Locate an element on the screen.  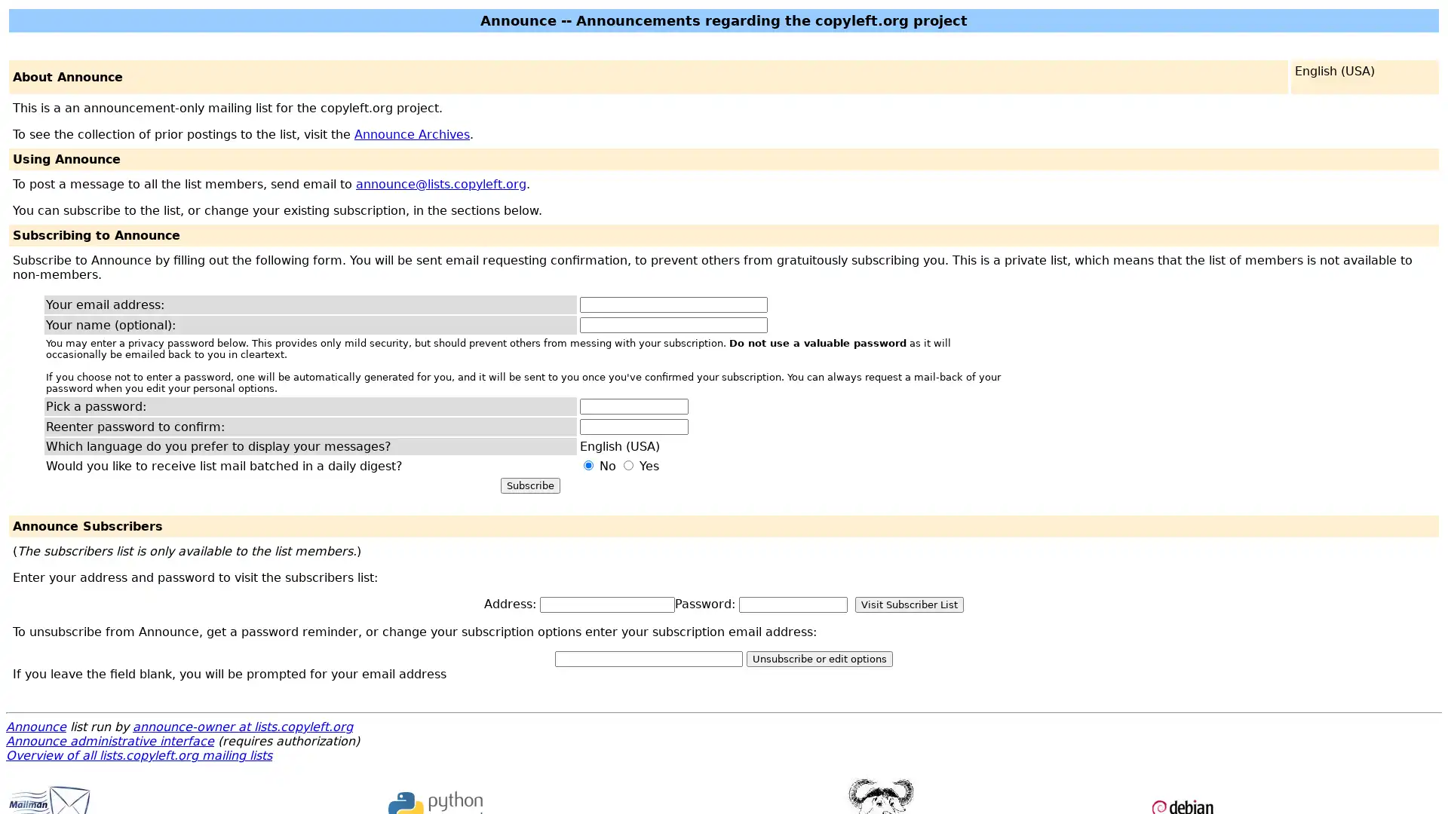
Unsubscribe or edit options is located at coordinates (818, 658).